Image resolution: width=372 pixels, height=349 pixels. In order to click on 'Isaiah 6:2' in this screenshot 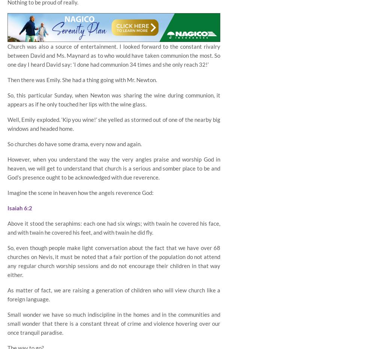, I will do `click(20, 207)`.